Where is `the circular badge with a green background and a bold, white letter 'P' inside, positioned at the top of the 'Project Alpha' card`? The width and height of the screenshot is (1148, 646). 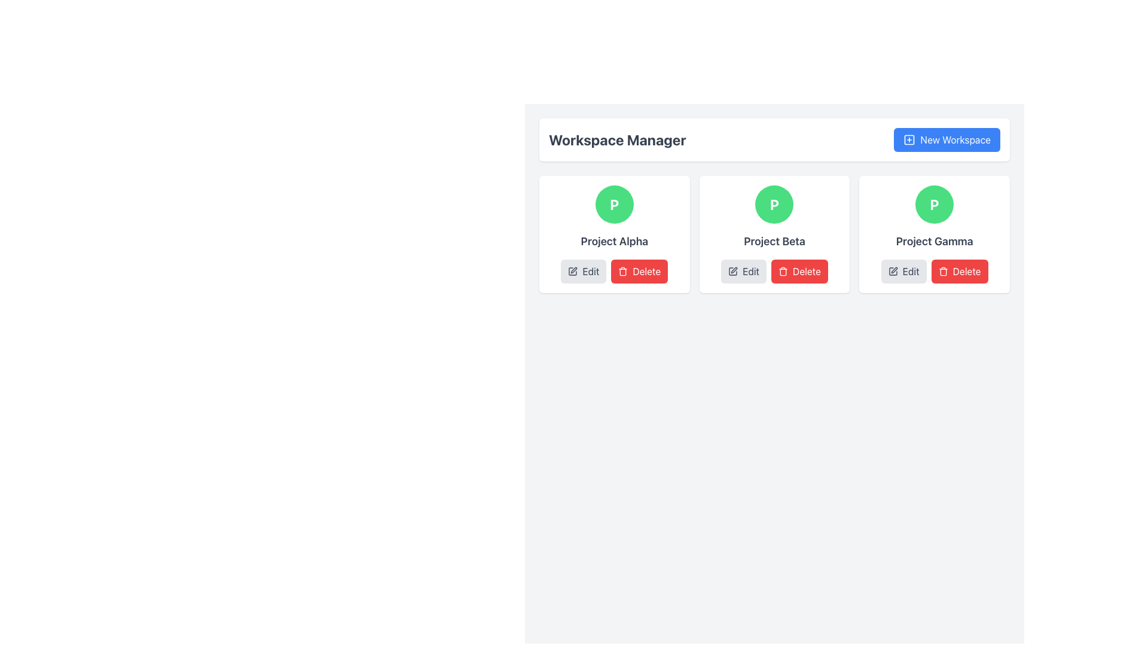 the circular badge with a green background and a bold, white letter 'P' inside, positioned at the top of the 'Project Alpha' card is located at coordinates (614, 204).